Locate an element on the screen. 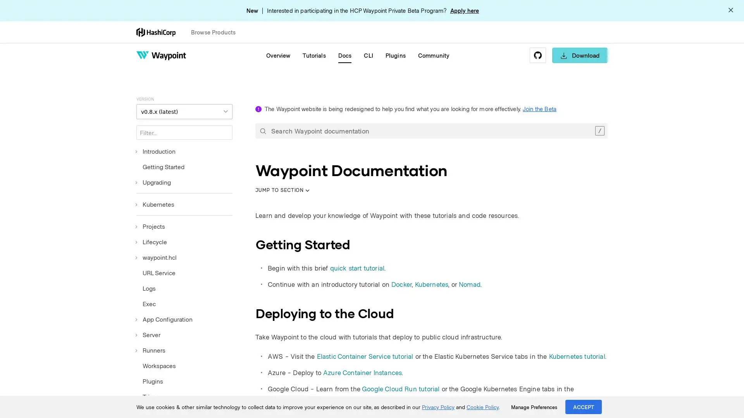  Browse Products Open this menu is located at coordinates (217, 32).